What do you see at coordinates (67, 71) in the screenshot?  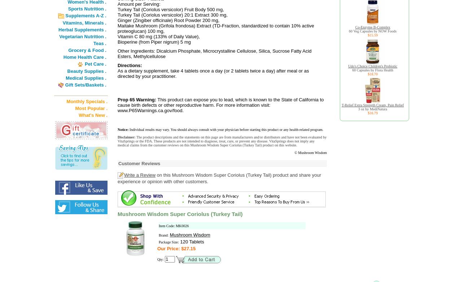 I see `'Beauty 
            Supplies .'` at bounding box center [67, 71].